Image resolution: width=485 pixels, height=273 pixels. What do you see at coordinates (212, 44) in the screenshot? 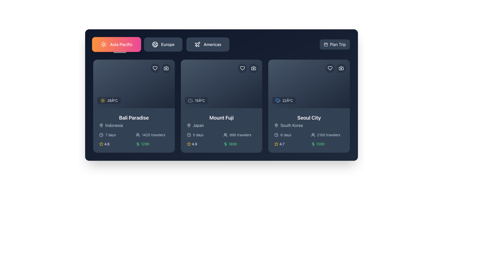
I see `the 'Americas' text label` at bounding box center [212, 44].